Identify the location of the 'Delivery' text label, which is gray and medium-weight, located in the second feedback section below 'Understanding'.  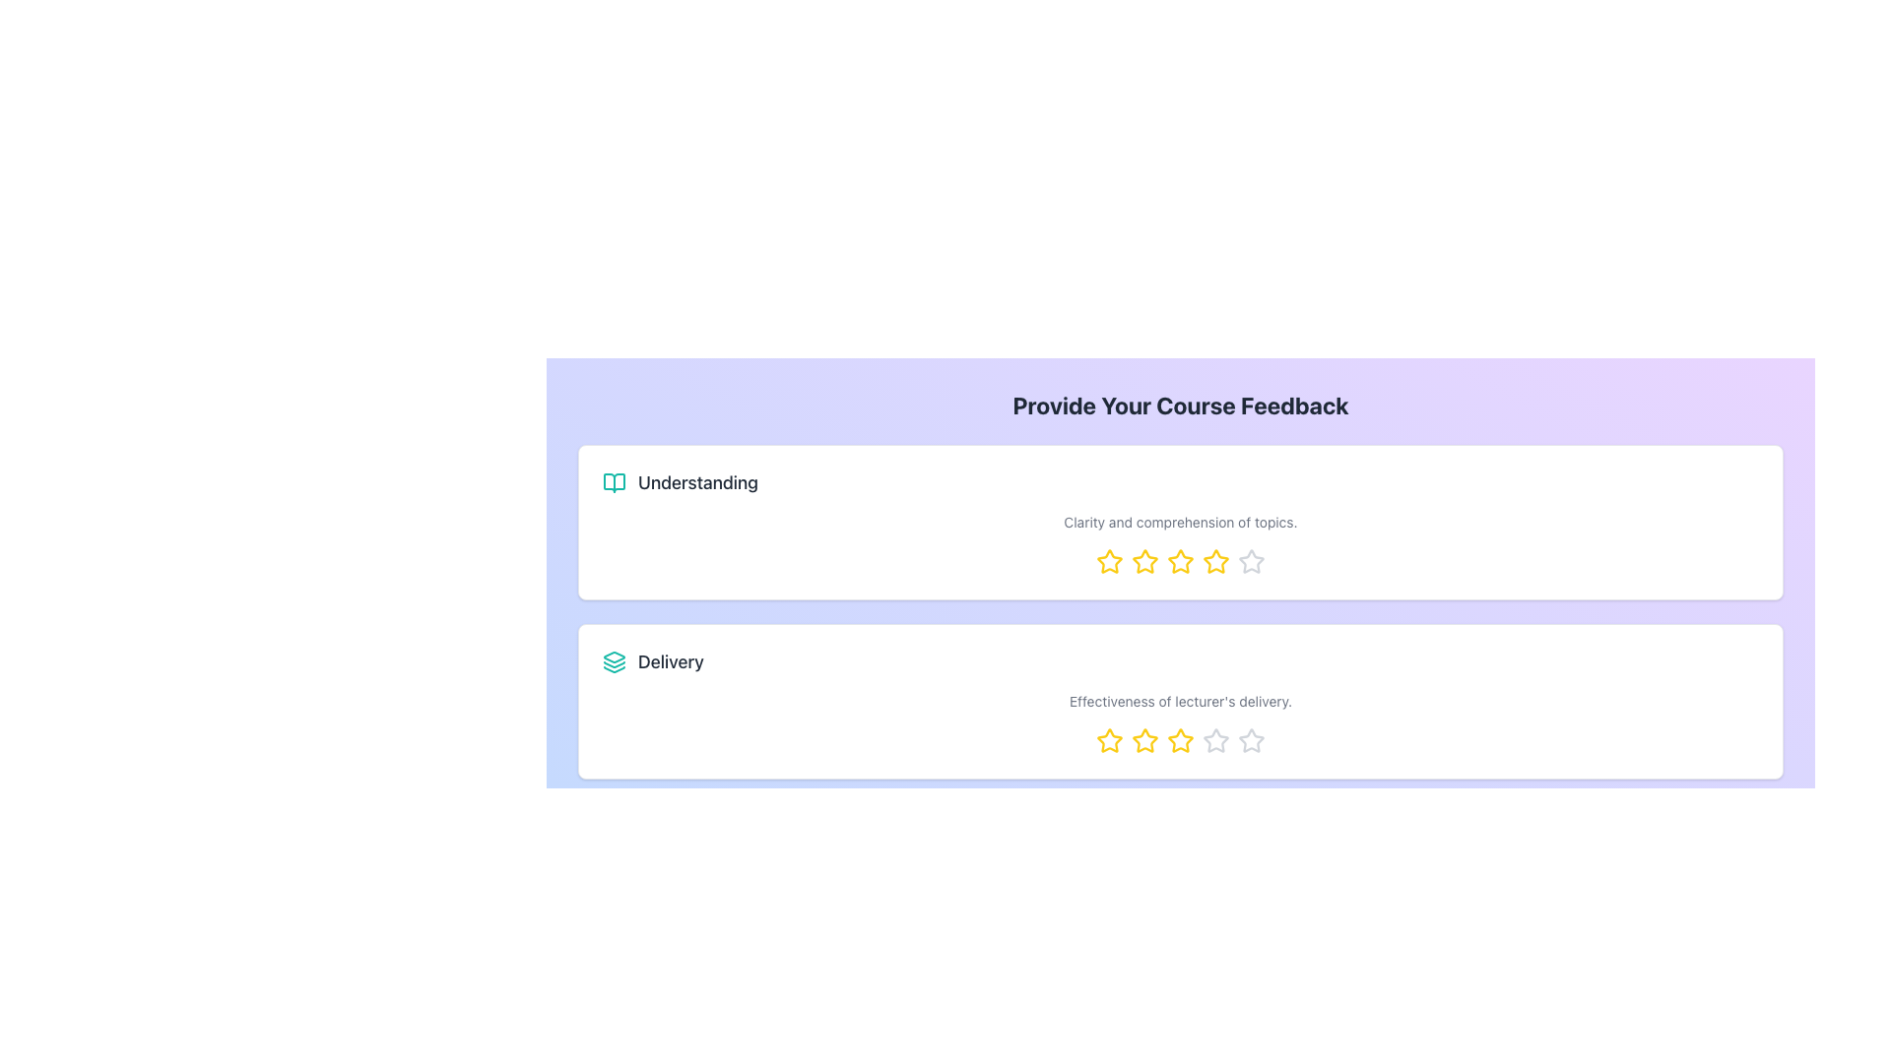
(671, 661).